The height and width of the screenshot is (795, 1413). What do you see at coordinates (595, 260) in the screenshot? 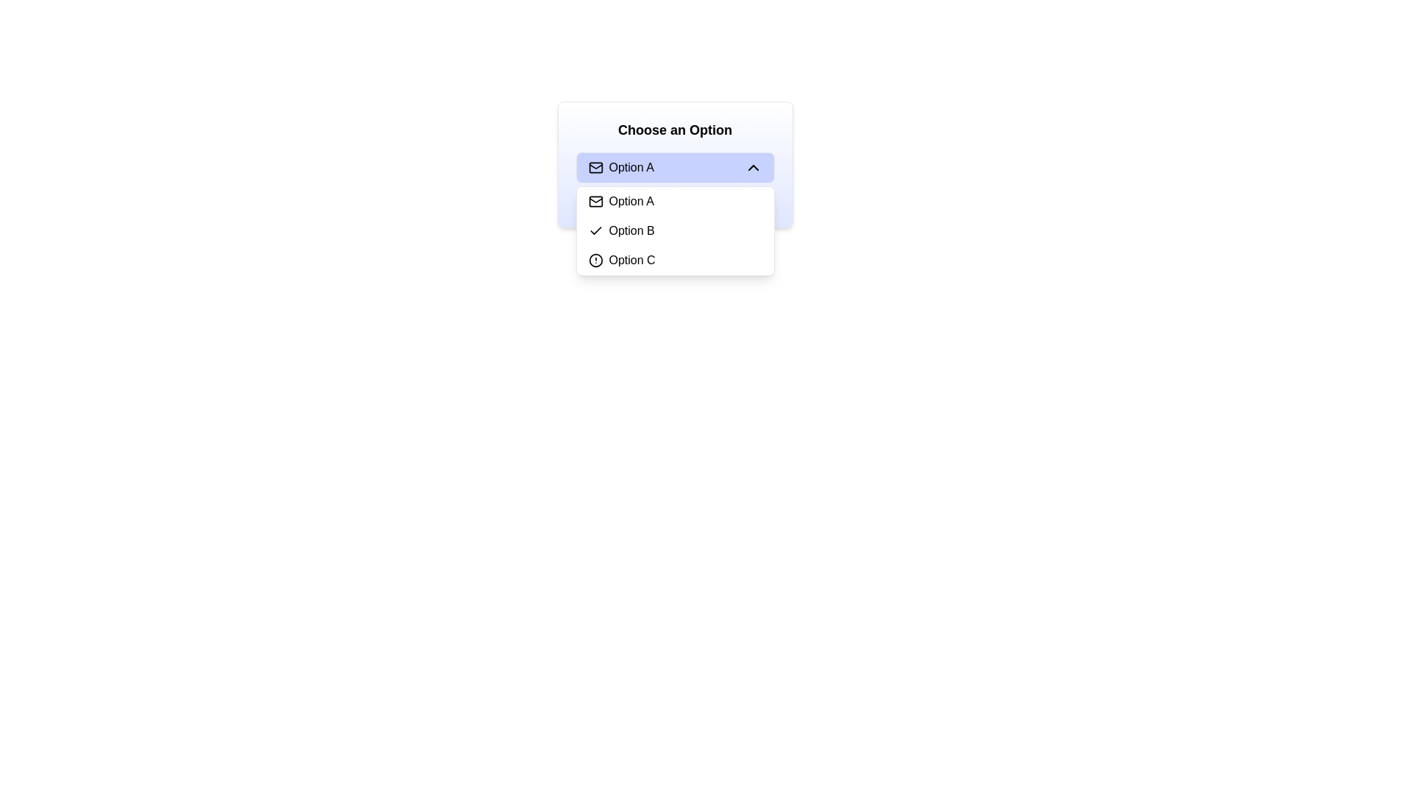
I see `the warning icon located to the left of the 'Option C' text` at bounding box center [595, 260].